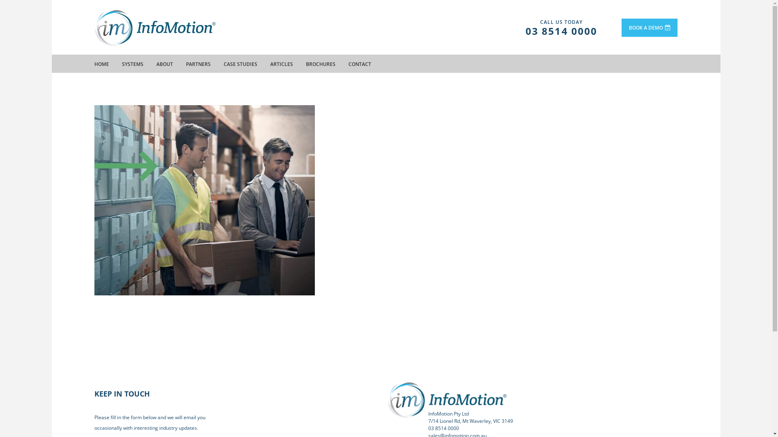 This screenshot has height=437, width=778. What do you see at coordinates (121, 64) in the screenshot?
I see `'SYSTEMS'` at bounding box center [121, 64].